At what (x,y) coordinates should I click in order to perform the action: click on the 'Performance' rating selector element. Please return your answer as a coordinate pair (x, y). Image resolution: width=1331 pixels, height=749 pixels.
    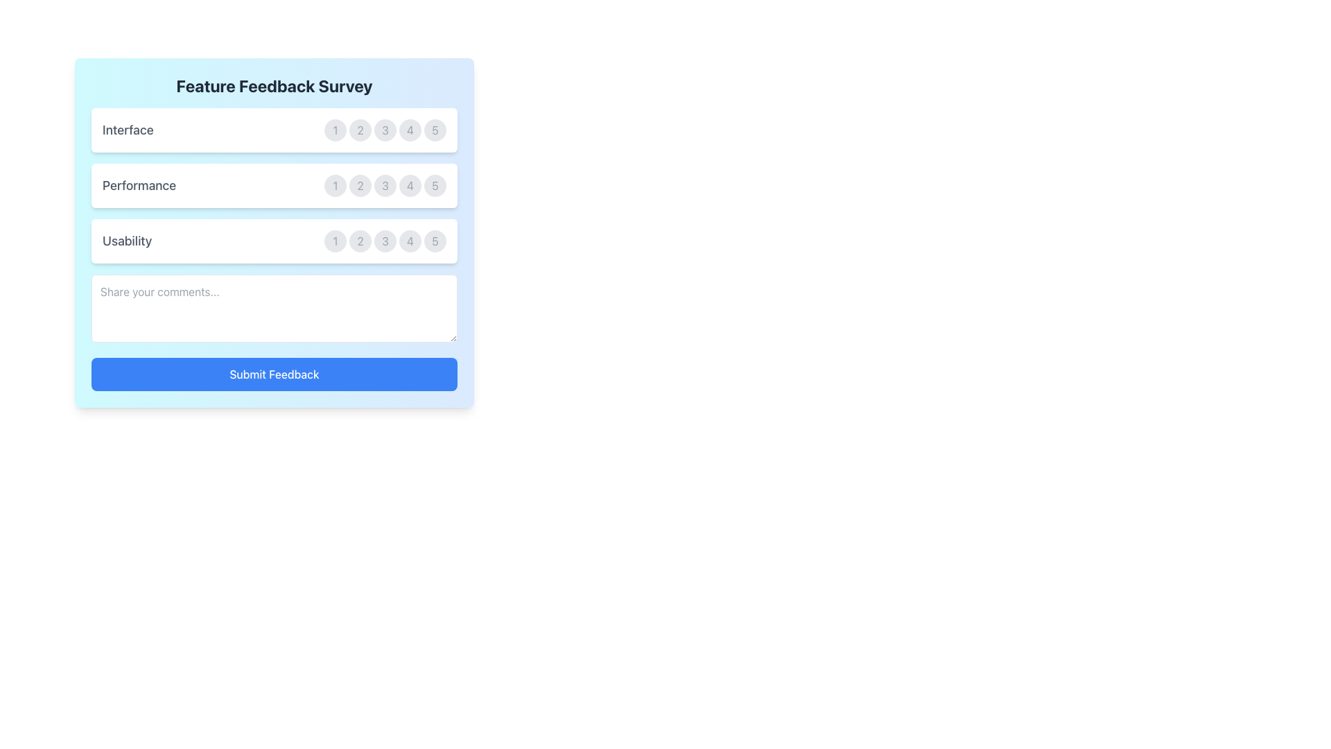
    Looking at the image, I should click on (274, 184).